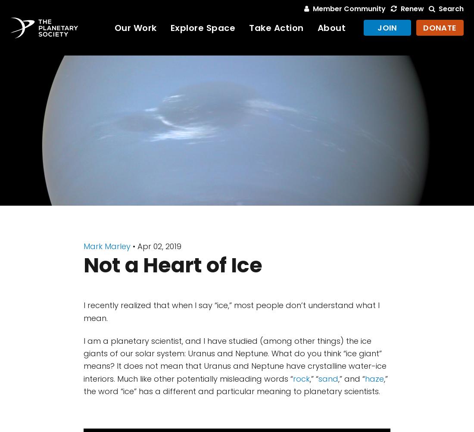 The height and width of the screenshot is (432, 474). What do you see at coordinates (313, 378) in the screenshot?
I see `',” “'` at bounding box center [313, 378].